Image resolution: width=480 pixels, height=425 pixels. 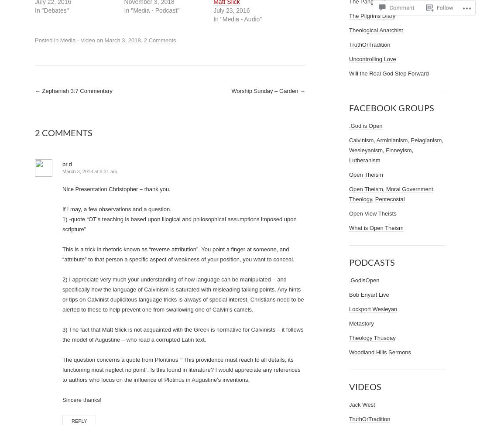 What do you see at coordinates (63, 132) in the screenshot?
I see `'2 comments'` at bounding box center [63, 132].